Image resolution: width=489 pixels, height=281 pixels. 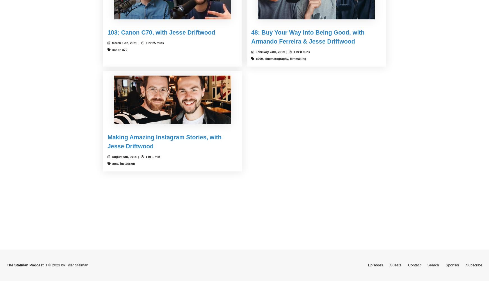 What do you see at coordinates (280, 58) in the screenshot?
I see `'c200, cinematography, filmmaking'` at bounding box center [280, 58].